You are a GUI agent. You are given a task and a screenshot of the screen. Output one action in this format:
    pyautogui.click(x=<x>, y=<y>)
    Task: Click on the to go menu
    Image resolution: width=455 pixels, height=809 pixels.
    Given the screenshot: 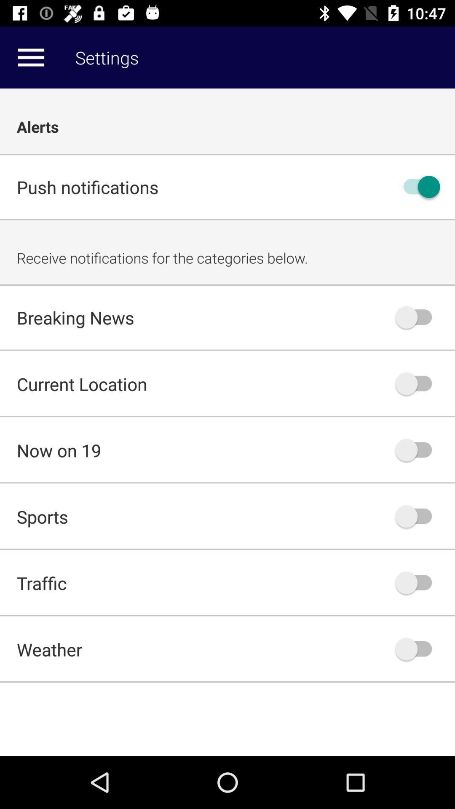 What is the action you would take?
    pyautogui.click(x=30, y=57)
    